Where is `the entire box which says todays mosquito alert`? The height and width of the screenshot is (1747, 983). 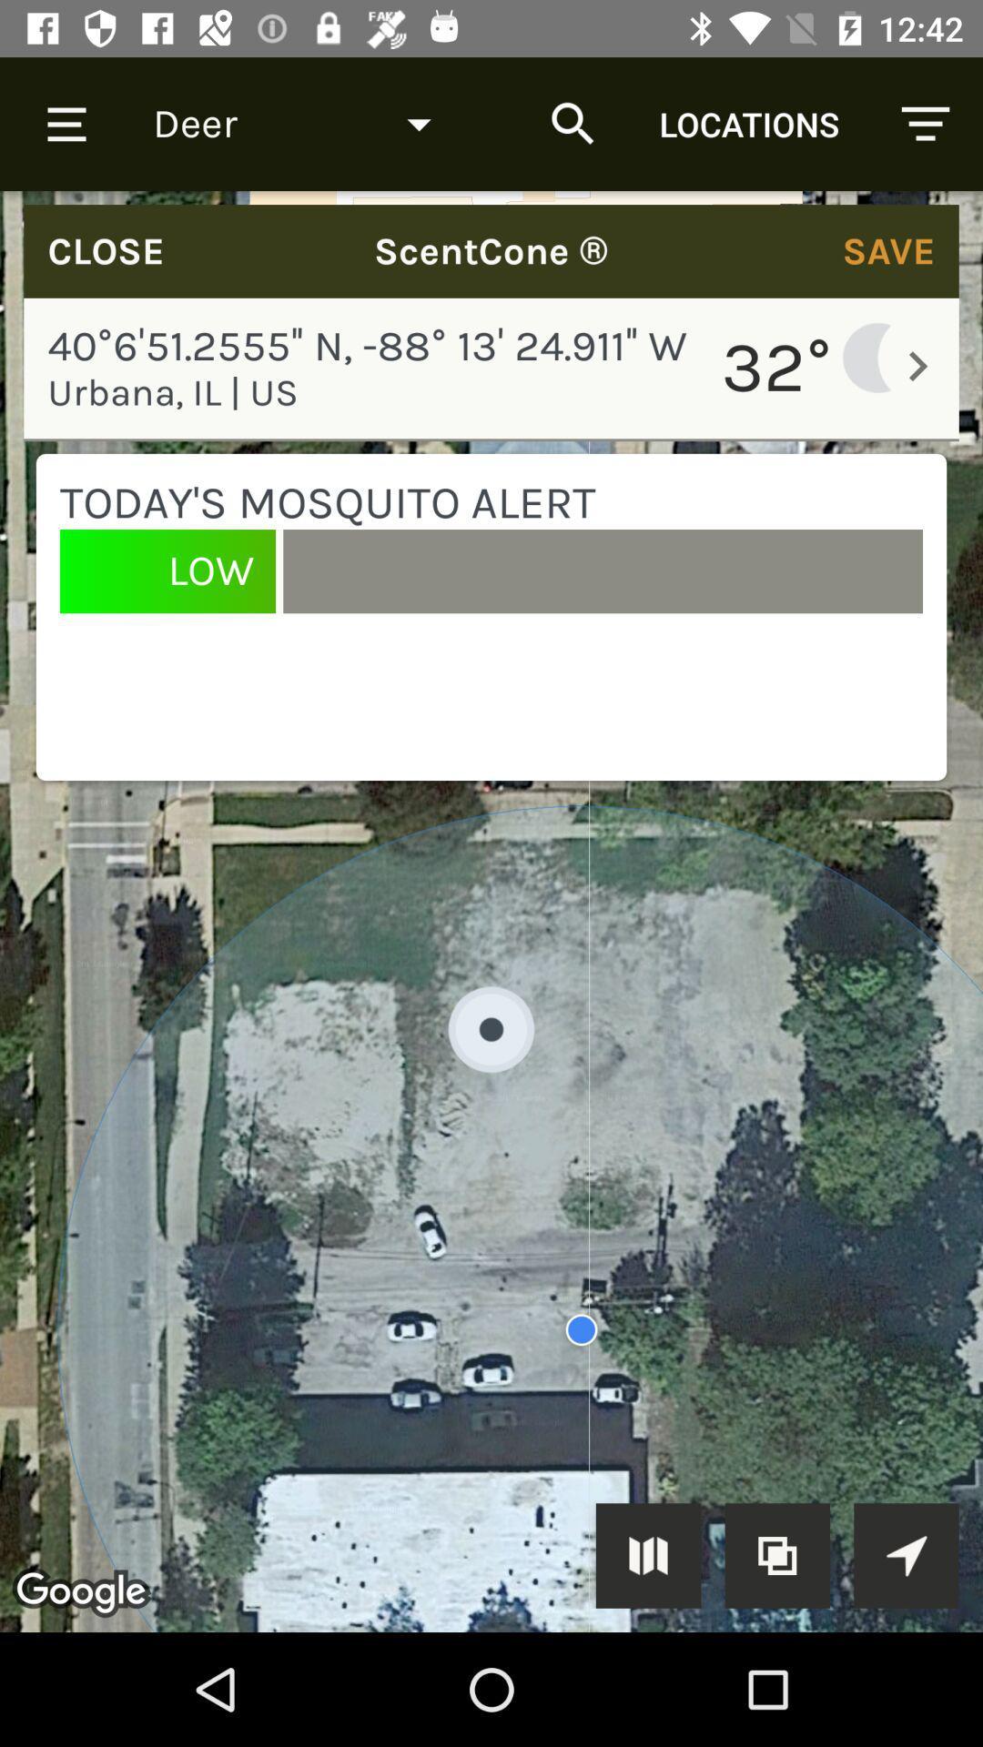 the entire box which says todays mosquito alert is located at coordinates (491, 617).